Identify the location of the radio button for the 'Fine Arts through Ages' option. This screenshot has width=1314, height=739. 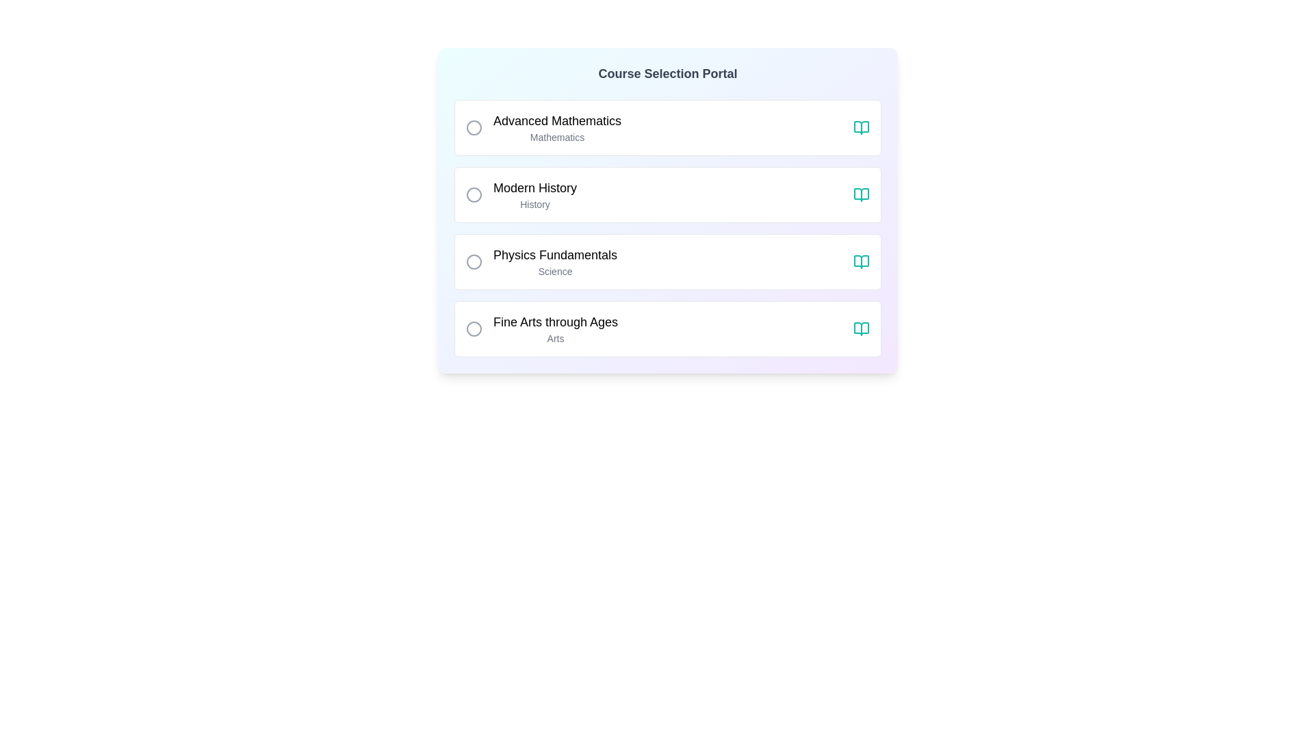
(474, 329).